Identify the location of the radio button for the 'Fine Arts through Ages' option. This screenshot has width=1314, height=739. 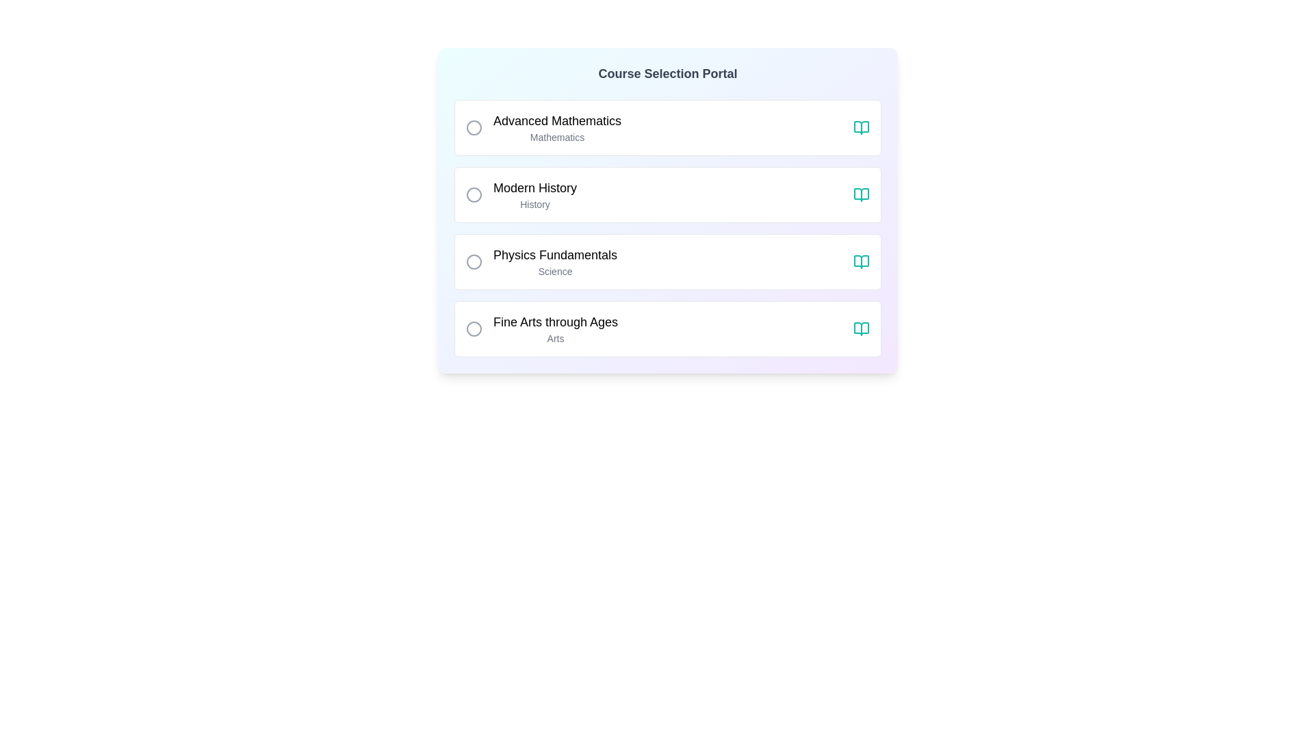
(474, 329).